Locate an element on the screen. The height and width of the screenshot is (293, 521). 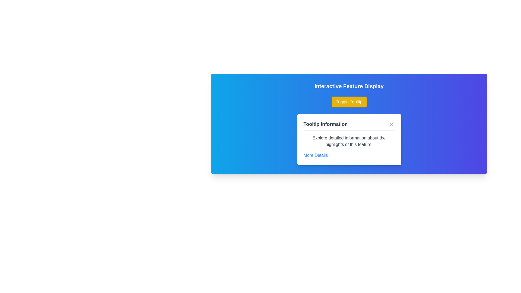
the 'Toggle Tooltip' button with rounded edges and a yellow background is located at coordinates (349, 102).